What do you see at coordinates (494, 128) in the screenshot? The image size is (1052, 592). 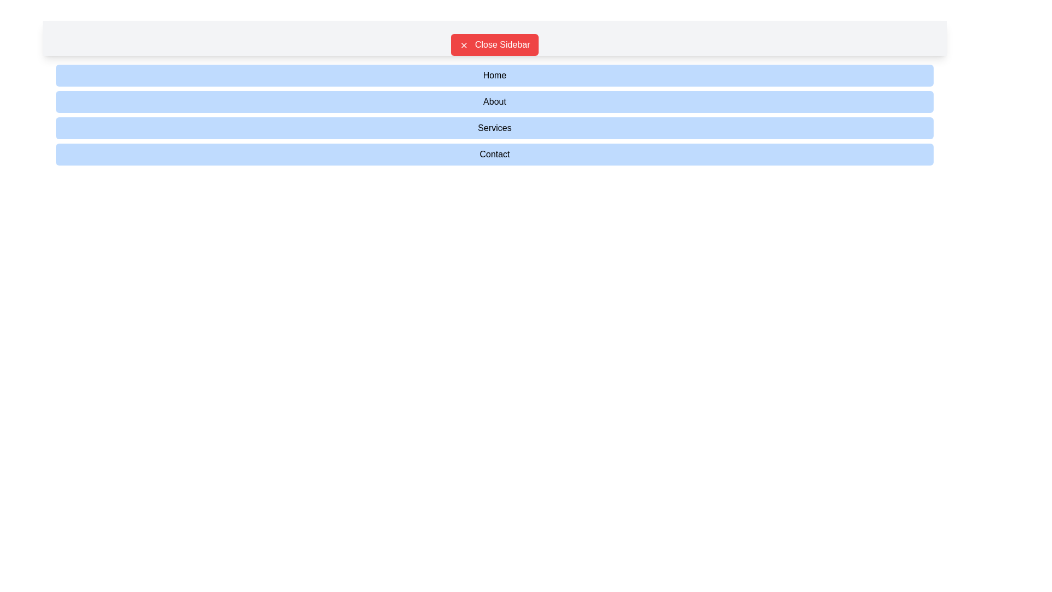 I see `the 'Services' button, which is a light blue rectangular button with rounded corners and black text, positioned below the 'About' button and above the 'Contact' button in the sidebar layout` at bounding box center [494, 128].